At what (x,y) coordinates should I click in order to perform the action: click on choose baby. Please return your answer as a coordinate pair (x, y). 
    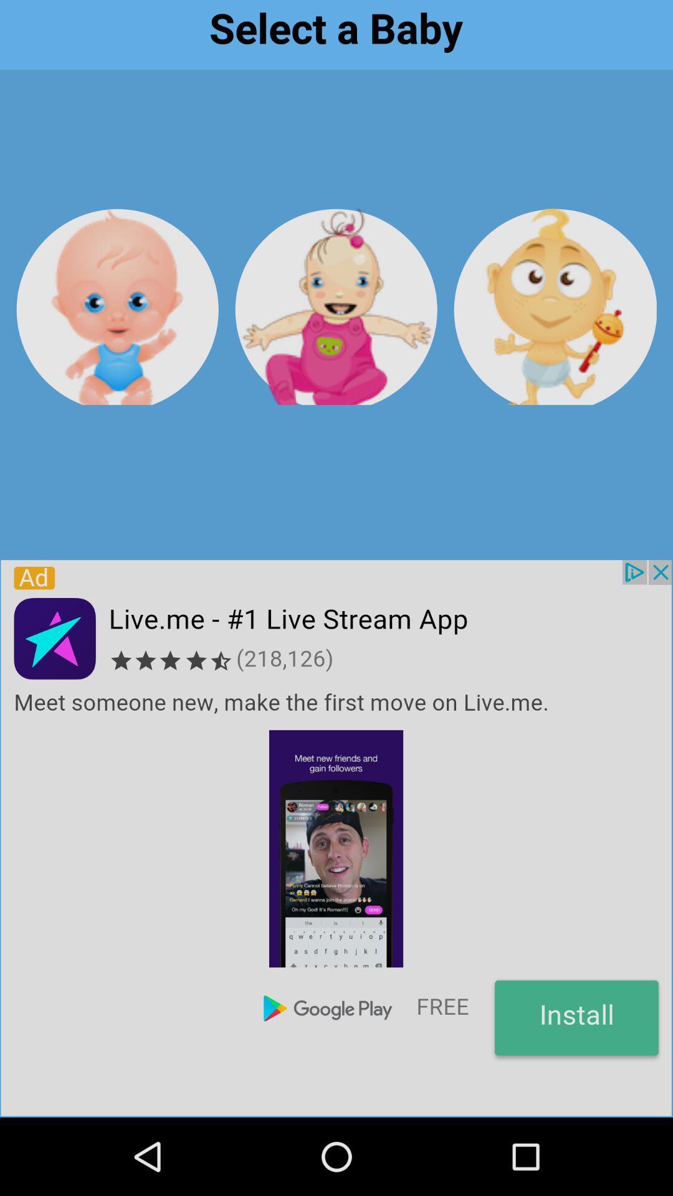
    Looking at the image, I should click on (335, 306).